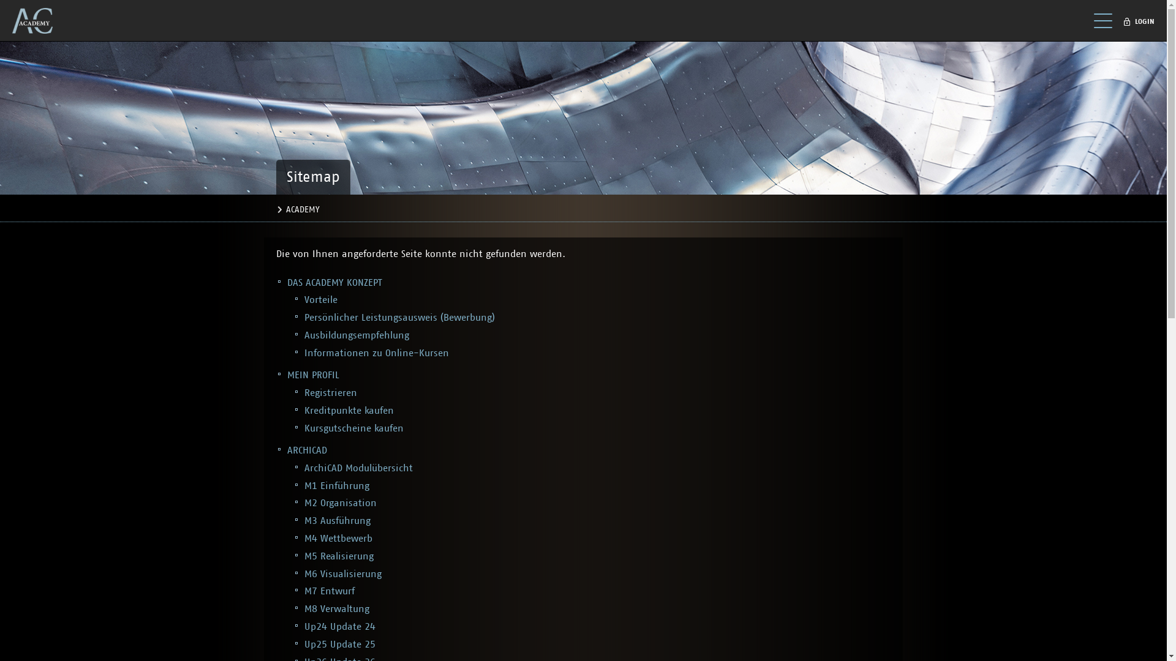 The image size is (1176, 661). I want to click on 'IDC - Nicht gefunden', so click(12, 21).